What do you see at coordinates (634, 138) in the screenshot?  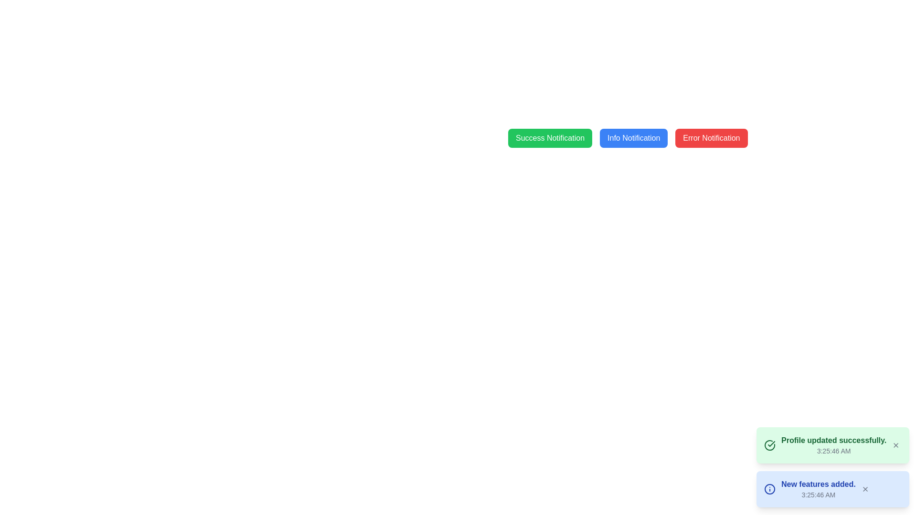 I see `the notification trigger button located between the 'Success Notification' and 'Error Notification' buttons to observe hover effects` at bounding box center [634, 138].